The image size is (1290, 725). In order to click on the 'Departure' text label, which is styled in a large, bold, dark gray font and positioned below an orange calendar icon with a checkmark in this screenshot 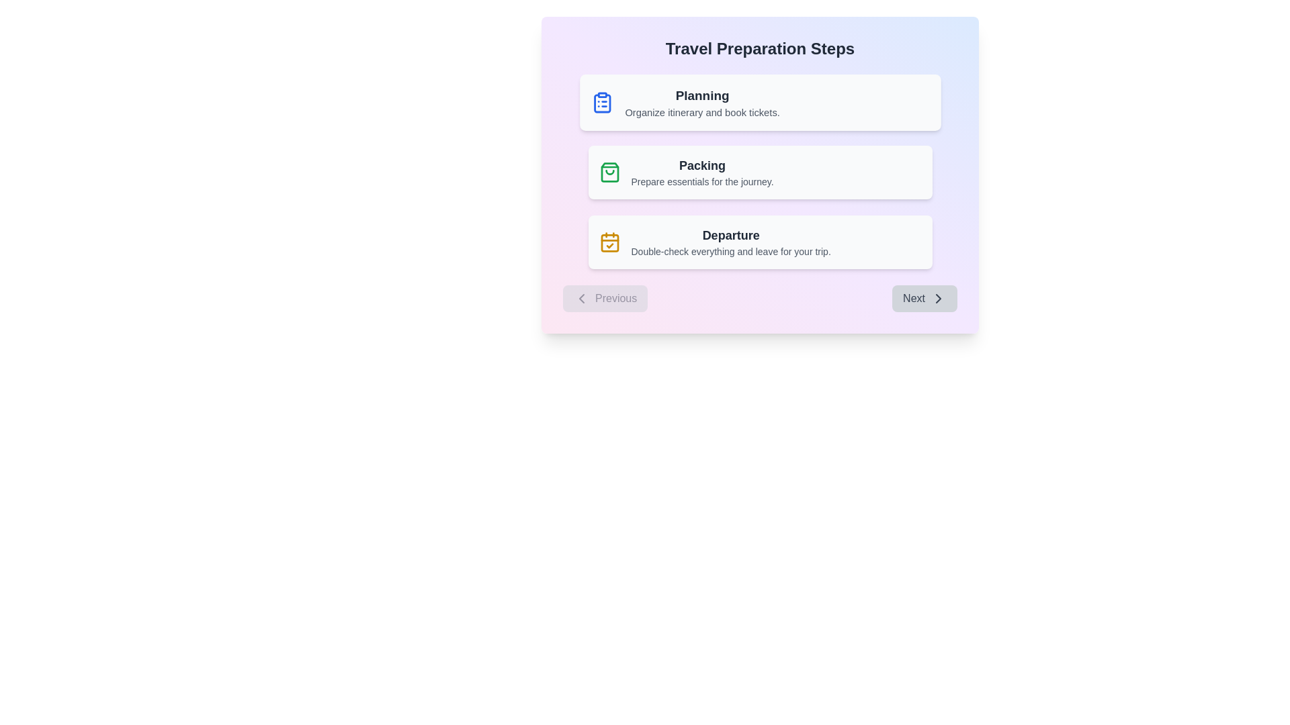, I will do `click(730, 235)`.